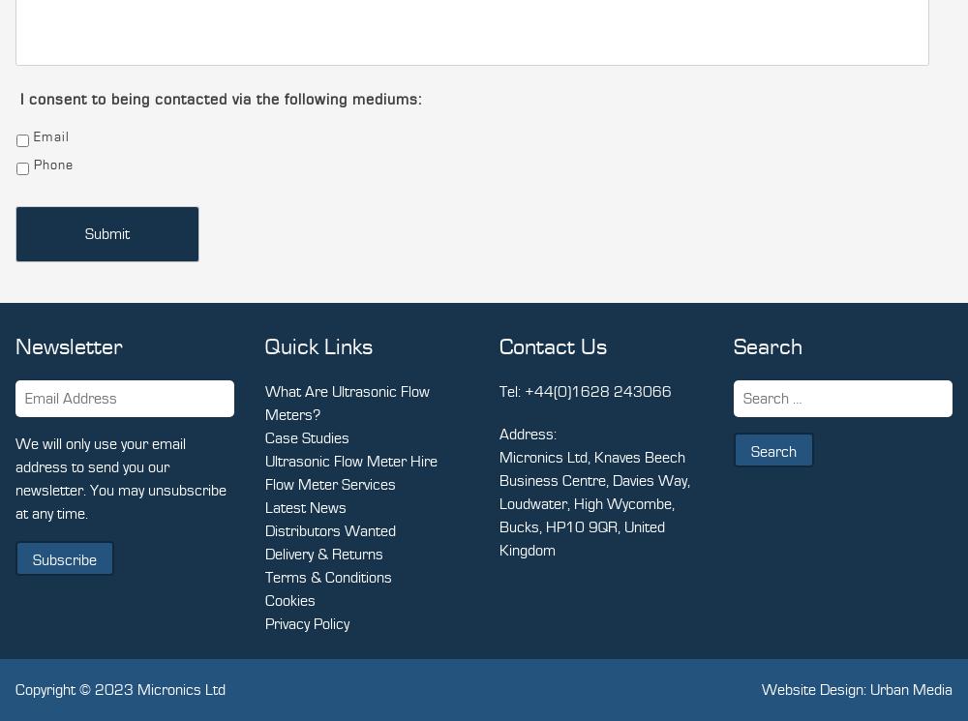 The image size is (968, 721). What do you see at coordinates (306, 623) in the screenshot?
I see `'Privacy Policy'` at bounding box center [306, 623].